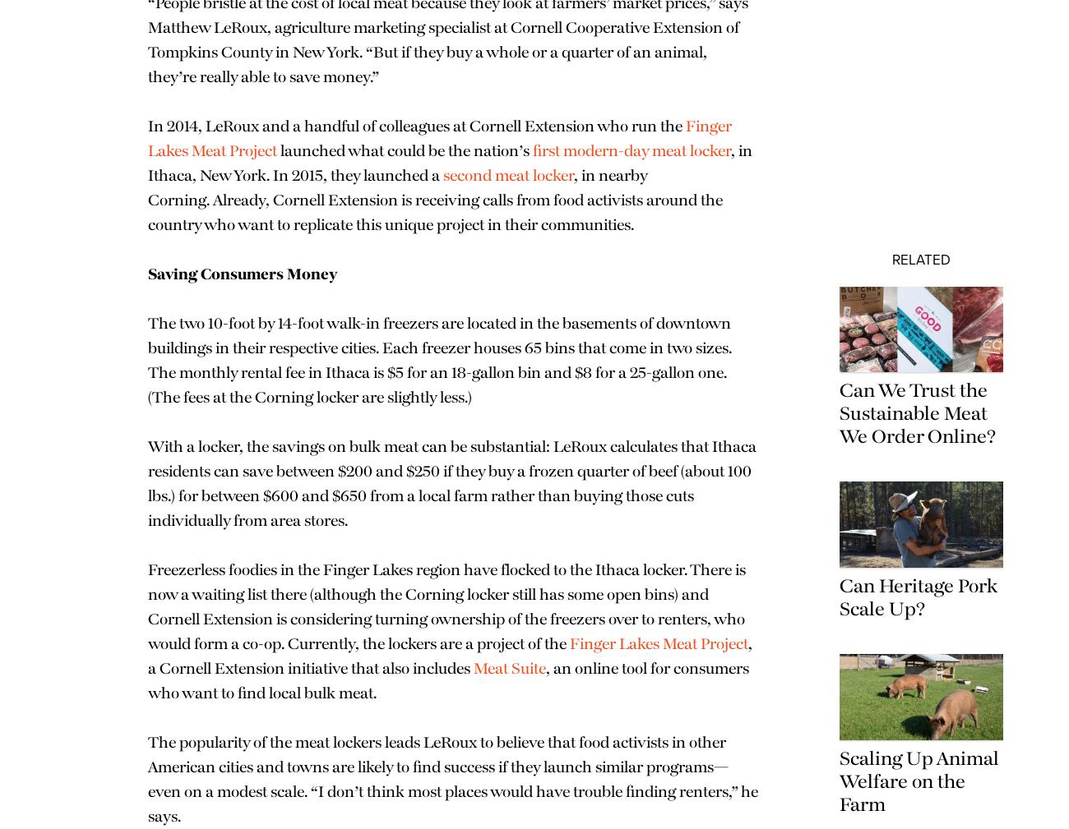  I want to click on 'Freezerless foodies in the Finger Lakes region have flocked to the Ithaca locker. There is now a waiting list there (although the Corning locker still has some open bins) and Cornell Extension is considering turning ownership of the freezers over to renters, who would form a co-op. Currently, the lockers are a project of the', so click(446, 656).